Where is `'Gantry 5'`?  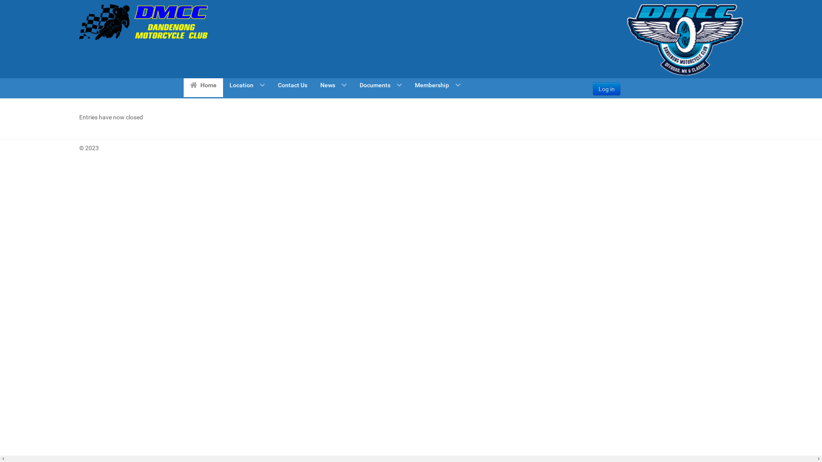
'Gantry 5' is located at coordinates (684, 39).